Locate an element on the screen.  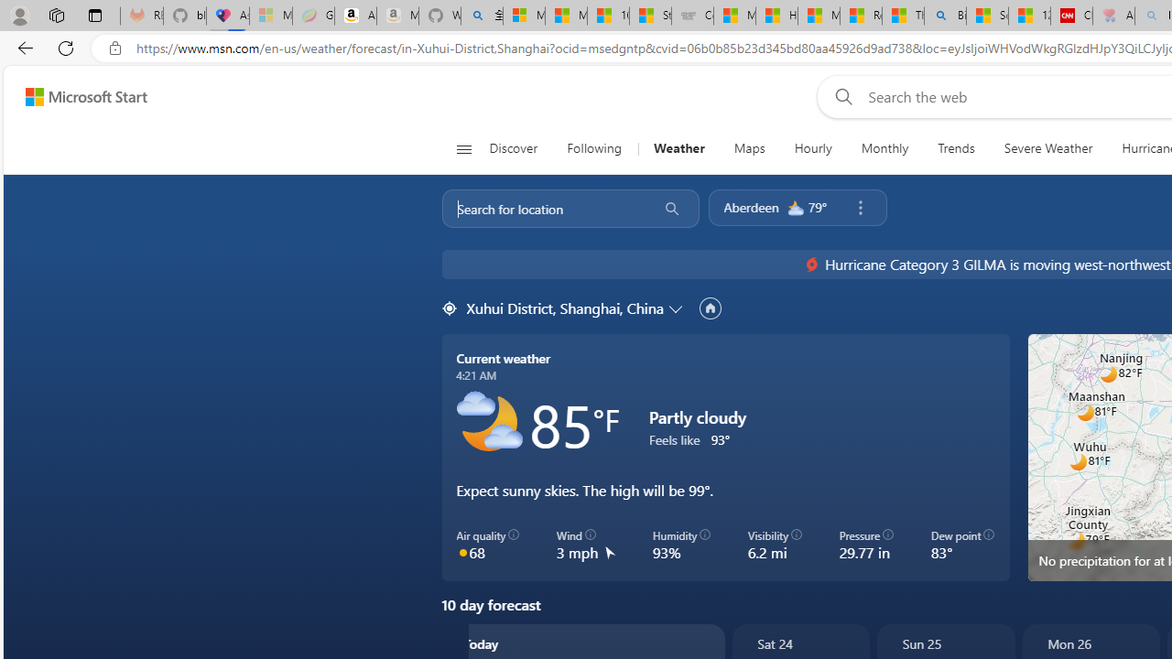
'Class: aqiColorCycle-DS-EntryPoint1-1' is located at coordinates (462, 551).